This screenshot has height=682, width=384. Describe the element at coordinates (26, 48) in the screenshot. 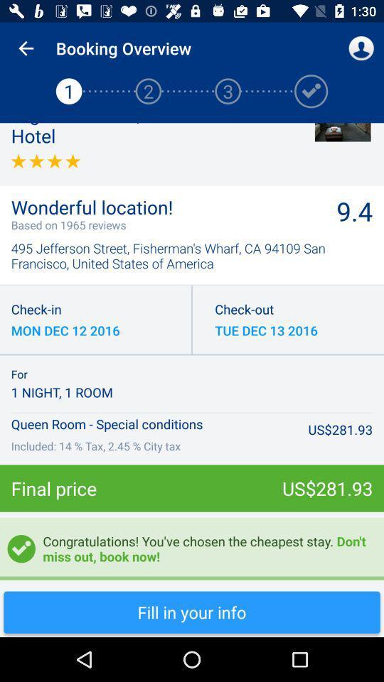

I see `icon to the left of the 1 icon` at that location.